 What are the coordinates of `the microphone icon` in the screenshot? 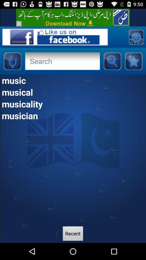 It's located at (12, 65).